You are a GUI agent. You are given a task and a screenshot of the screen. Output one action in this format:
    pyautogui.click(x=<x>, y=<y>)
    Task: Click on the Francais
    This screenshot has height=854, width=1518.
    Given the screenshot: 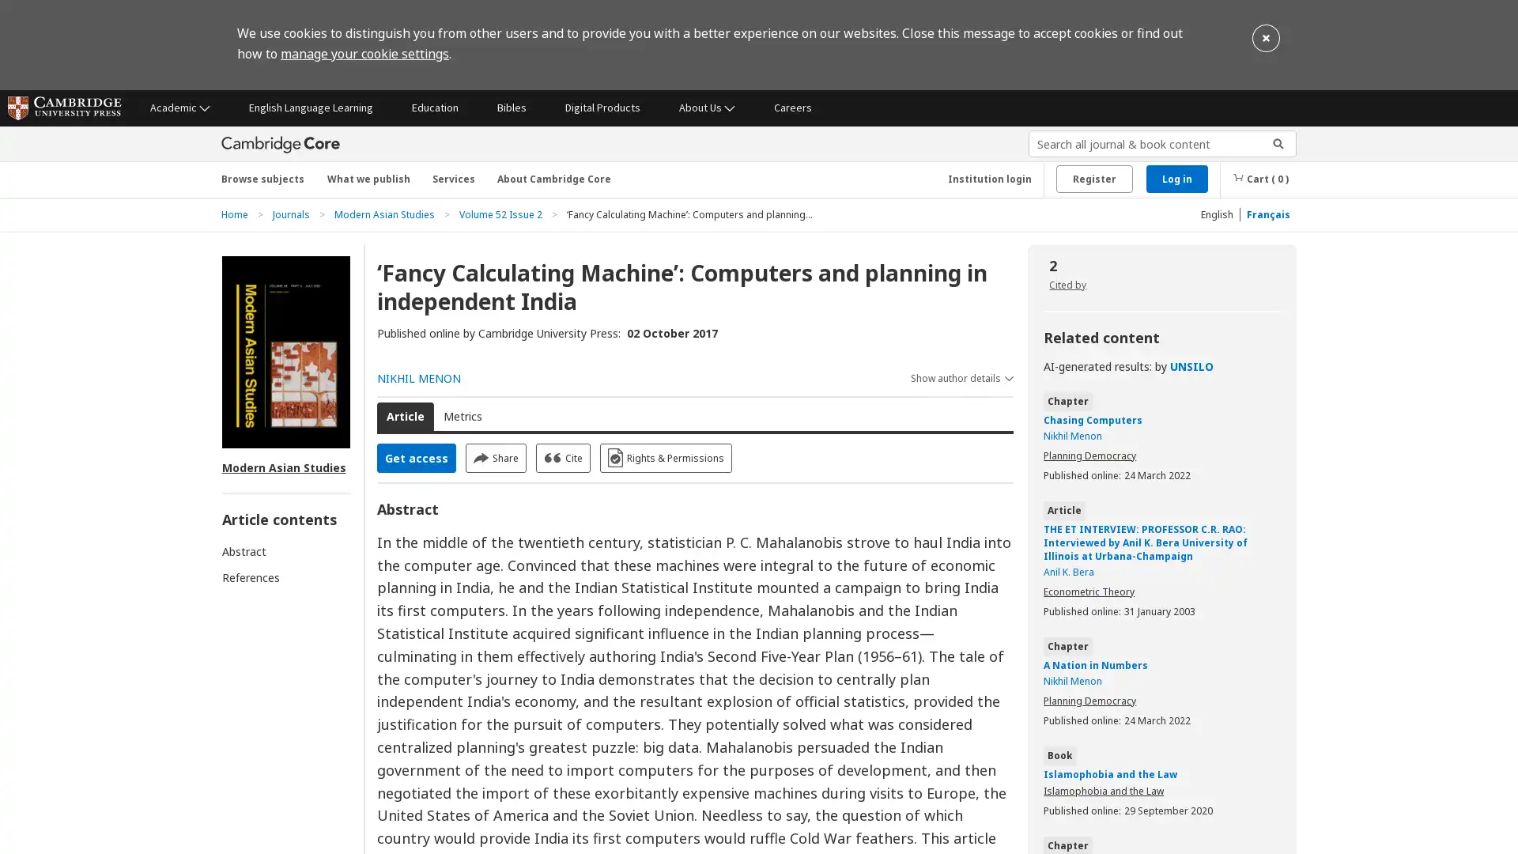 What is the action you would take?
    pyautogui.click(x=1267, y=215)
    